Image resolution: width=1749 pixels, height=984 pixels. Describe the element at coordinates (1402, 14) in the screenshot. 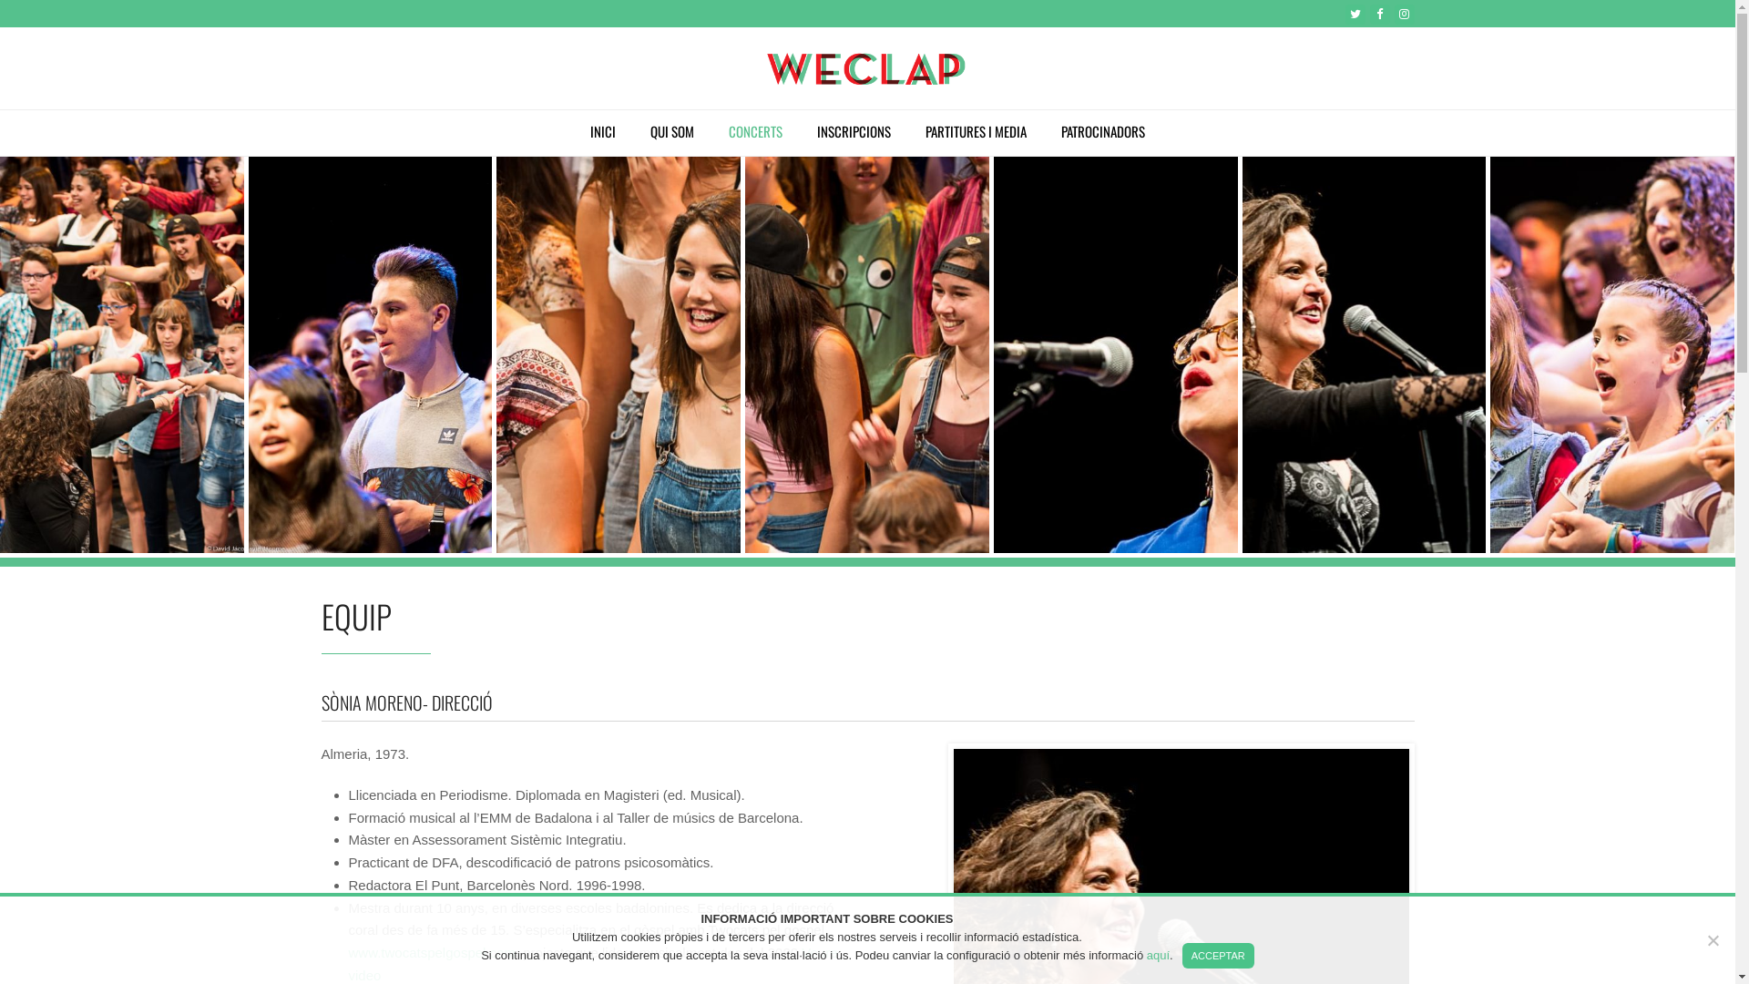

I see `'Instagram'` at that location.